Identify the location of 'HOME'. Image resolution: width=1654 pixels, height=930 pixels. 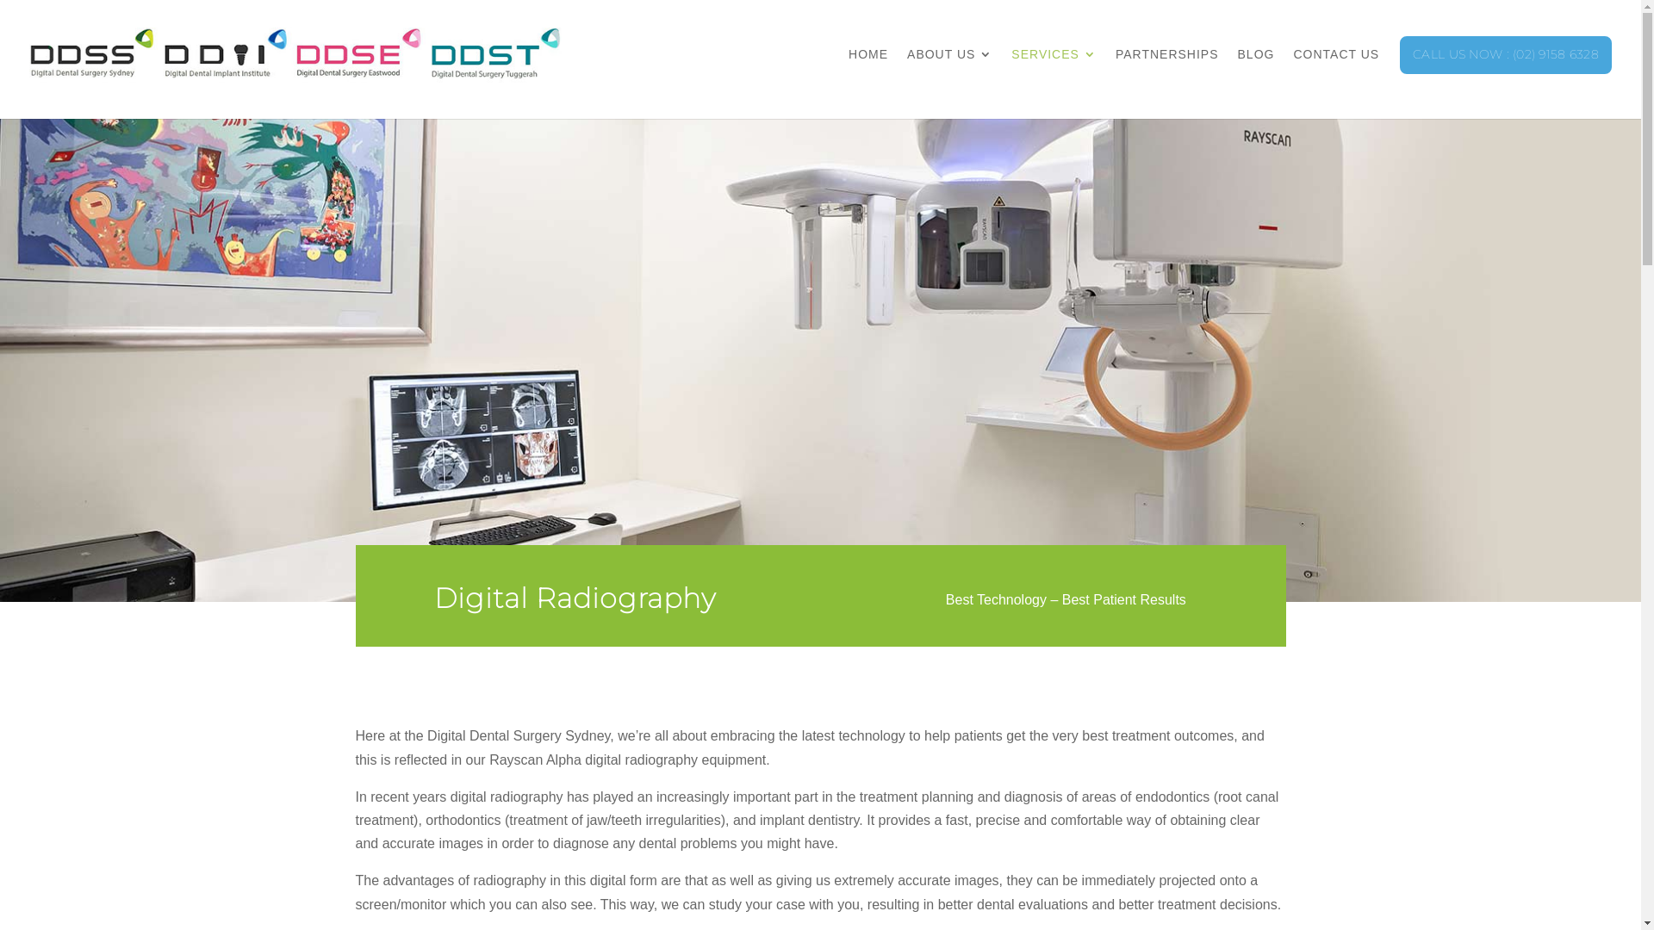
(868, 71).